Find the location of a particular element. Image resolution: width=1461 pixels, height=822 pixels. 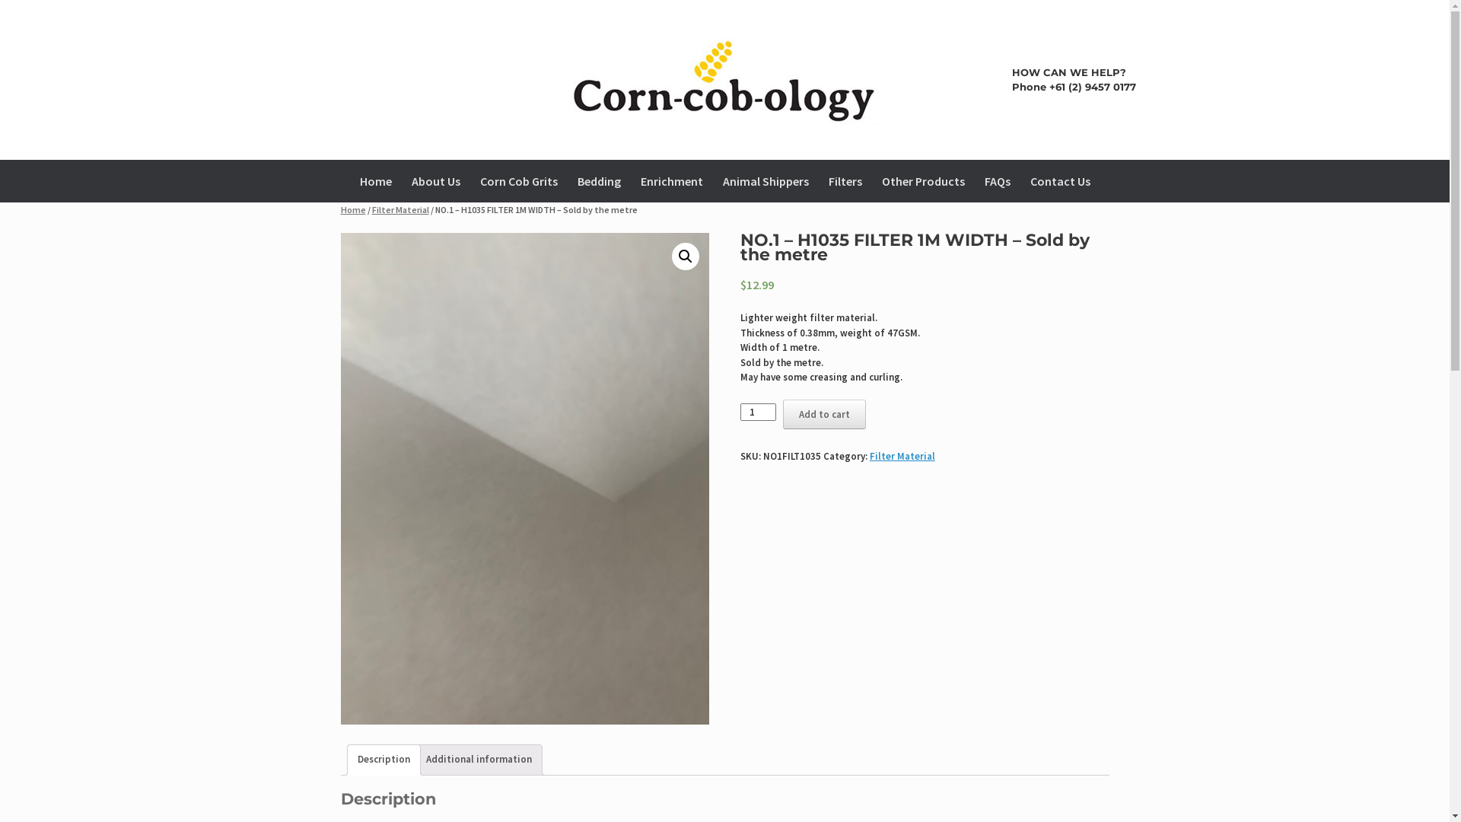

'Filters' is located at coordinates (844, 180).